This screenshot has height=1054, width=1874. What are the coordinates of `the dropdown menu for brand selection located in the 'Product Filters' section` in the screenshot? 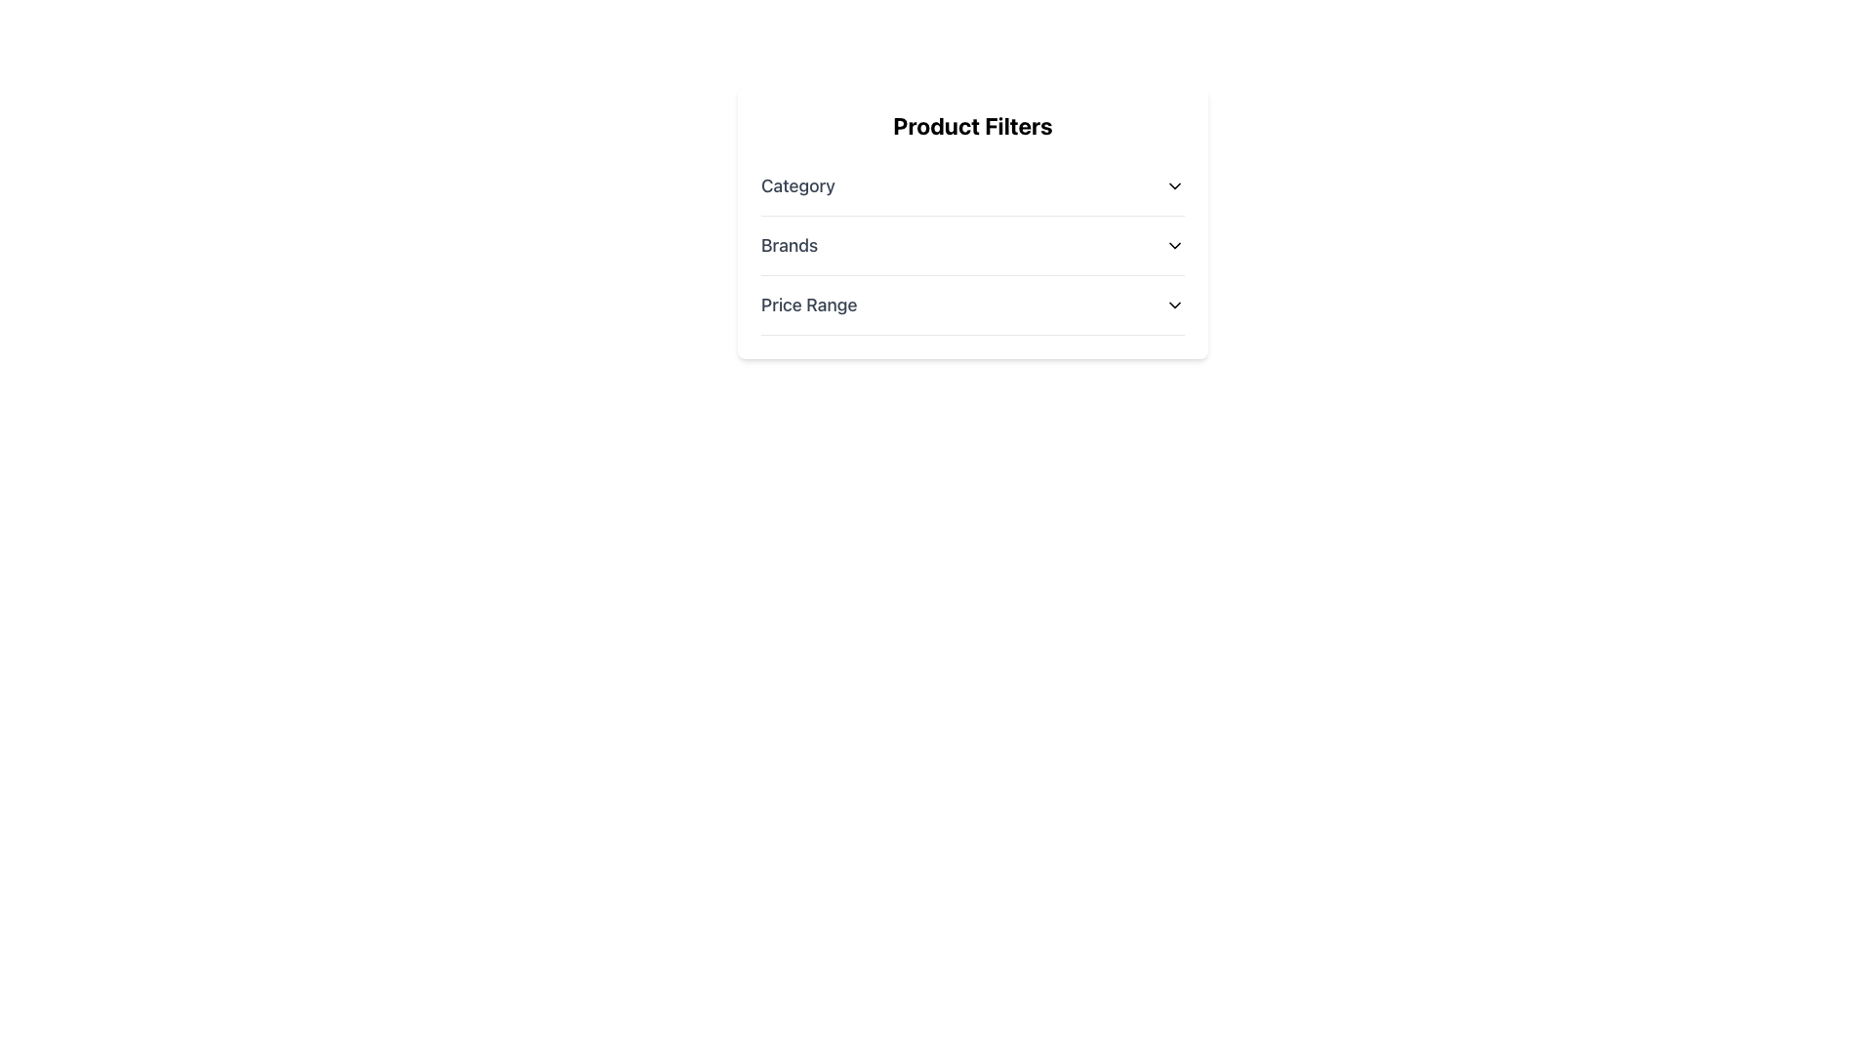 It's located at (973, 244).